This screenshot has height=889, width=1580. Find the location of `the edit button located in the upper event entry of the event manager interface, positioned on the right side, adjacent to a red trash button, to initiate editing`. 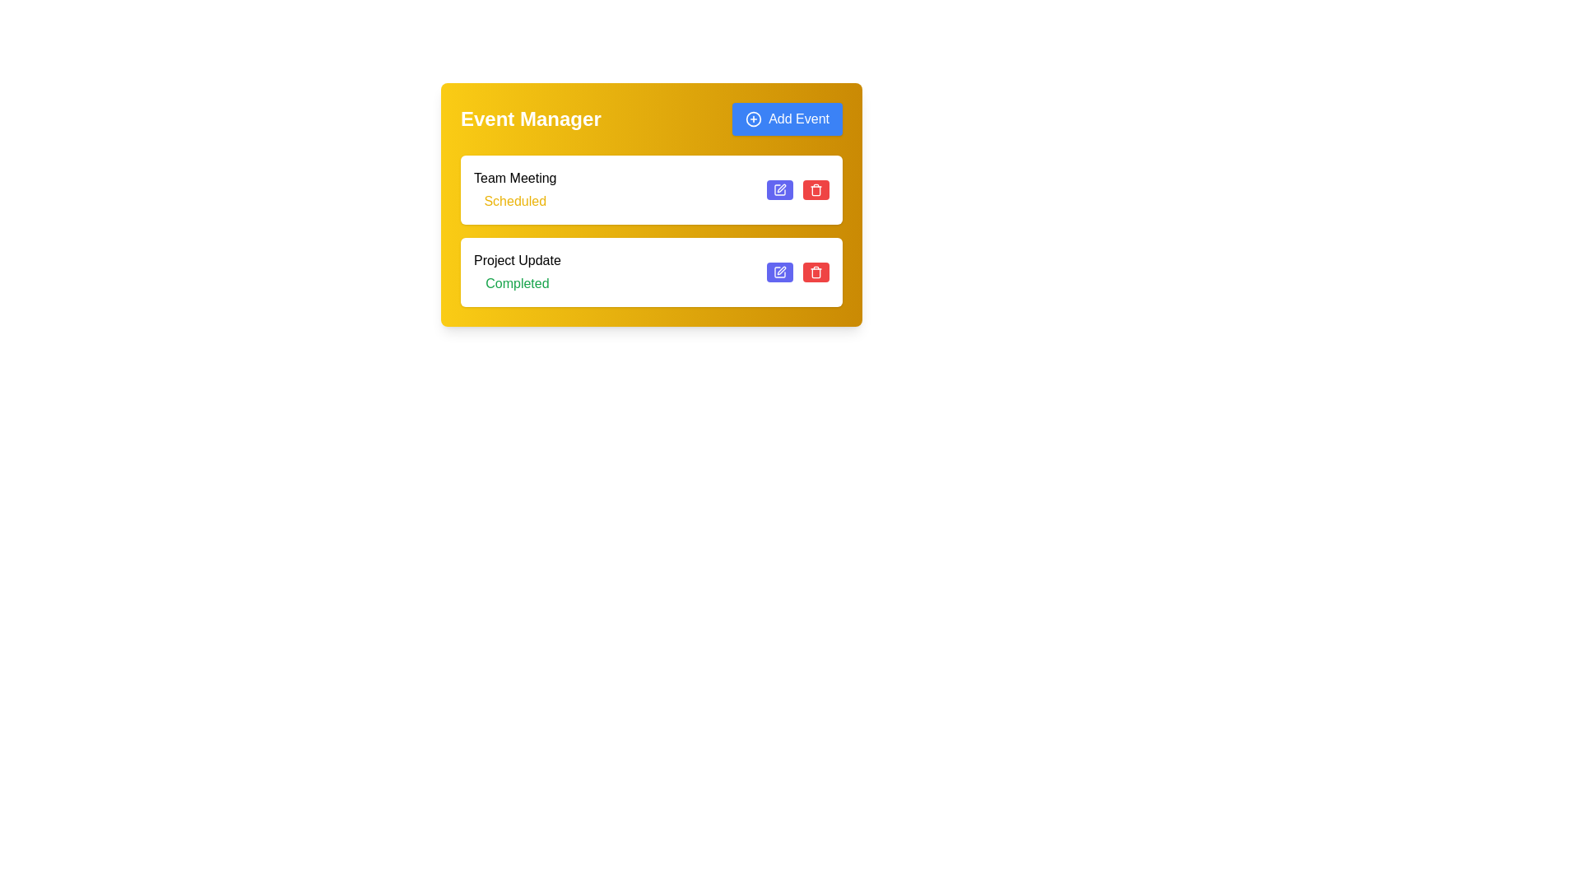

the edit button located in the upper event entry of the event manager interface, positioned on the right side, adjacent to a red trash button, to initiate editing is located at coordinates (779, 189).